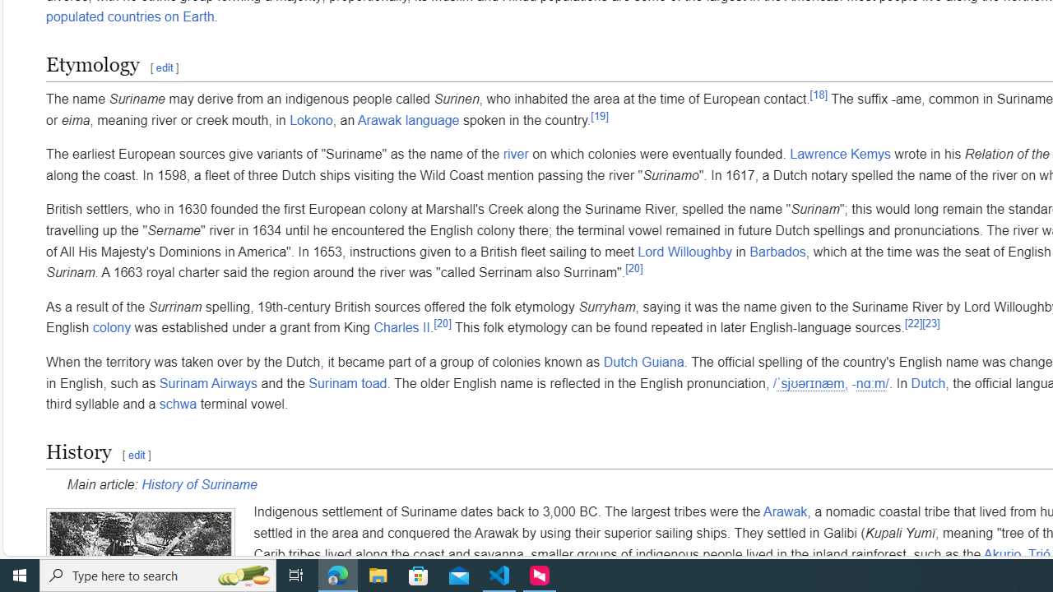 The width and height of the screenshot is (1053, 592). What do you see at coordinates (408, 118) in the screenshot?
I see `'Arawak language'` at bounding box center [408, 118].